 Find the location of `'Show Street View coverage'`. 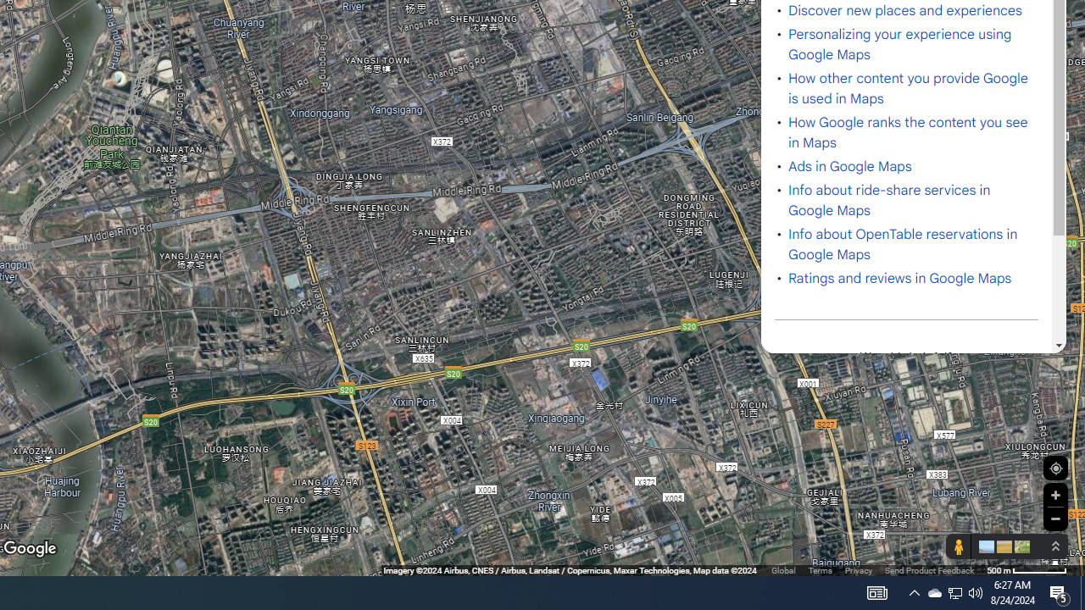

'Show Street View coverage' is located at coordinates (958, 546).